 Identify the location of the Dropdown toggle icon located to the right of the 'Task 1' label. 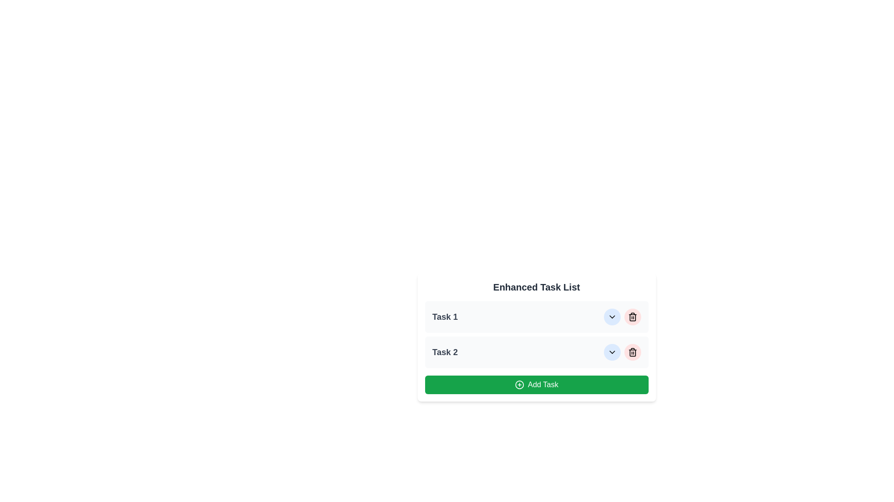
(612, 317).